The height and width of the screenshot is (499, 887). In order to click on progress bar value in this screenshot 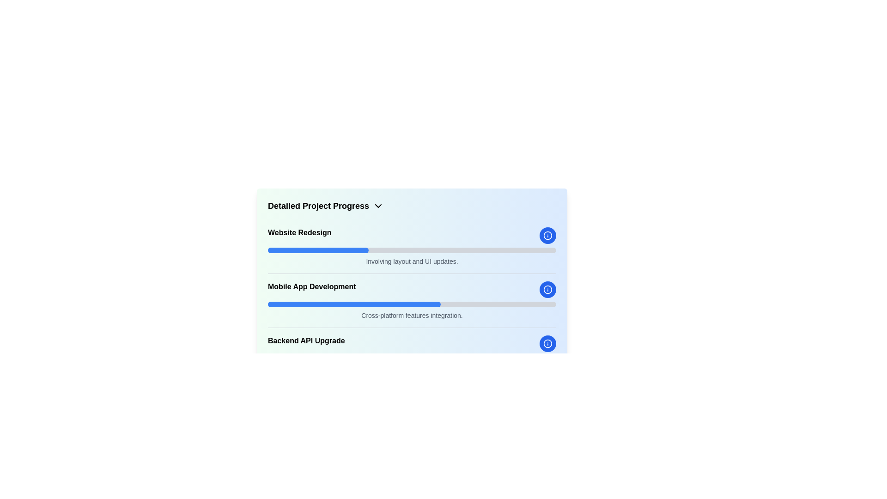, I will do `click(504, 304)`.